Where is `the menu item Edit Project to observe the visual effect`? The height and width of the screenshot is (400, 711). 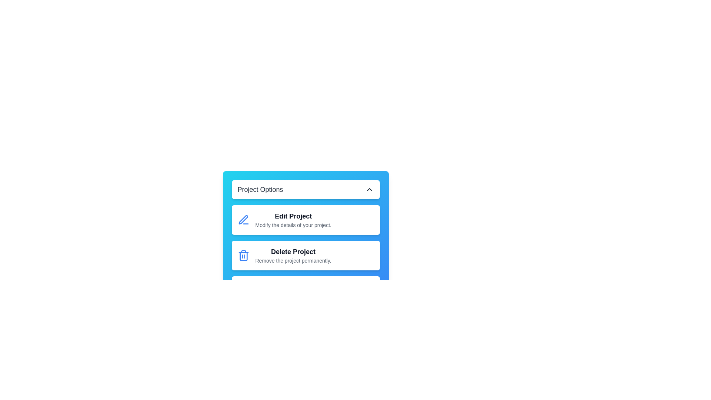 the menu item Edit Project to observe the visual effect is located at coordinates (306, 220).